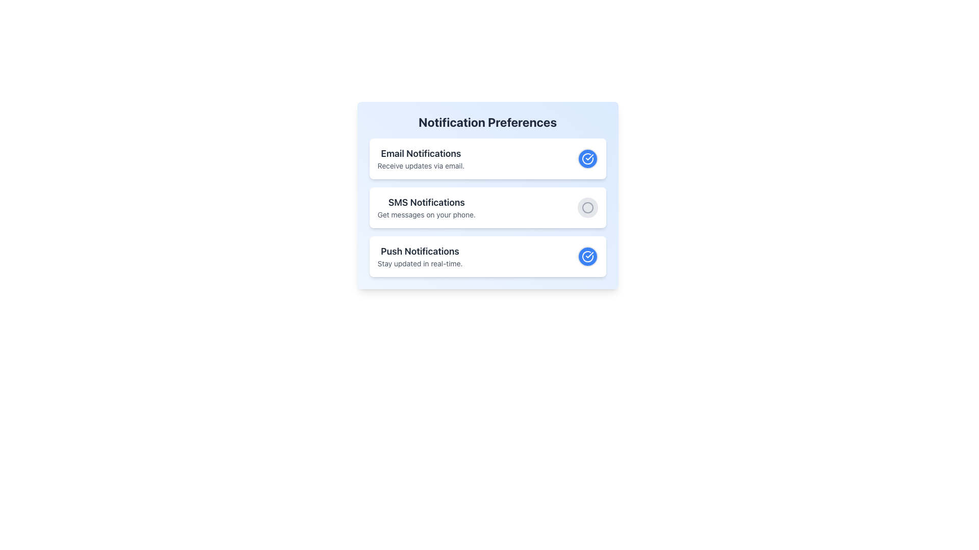 The image size is (979, 550). What do you see at coordinates (487, 207) in the screenshot?
I see `the SMS notification toggle option` at bounding box center [487, 207].